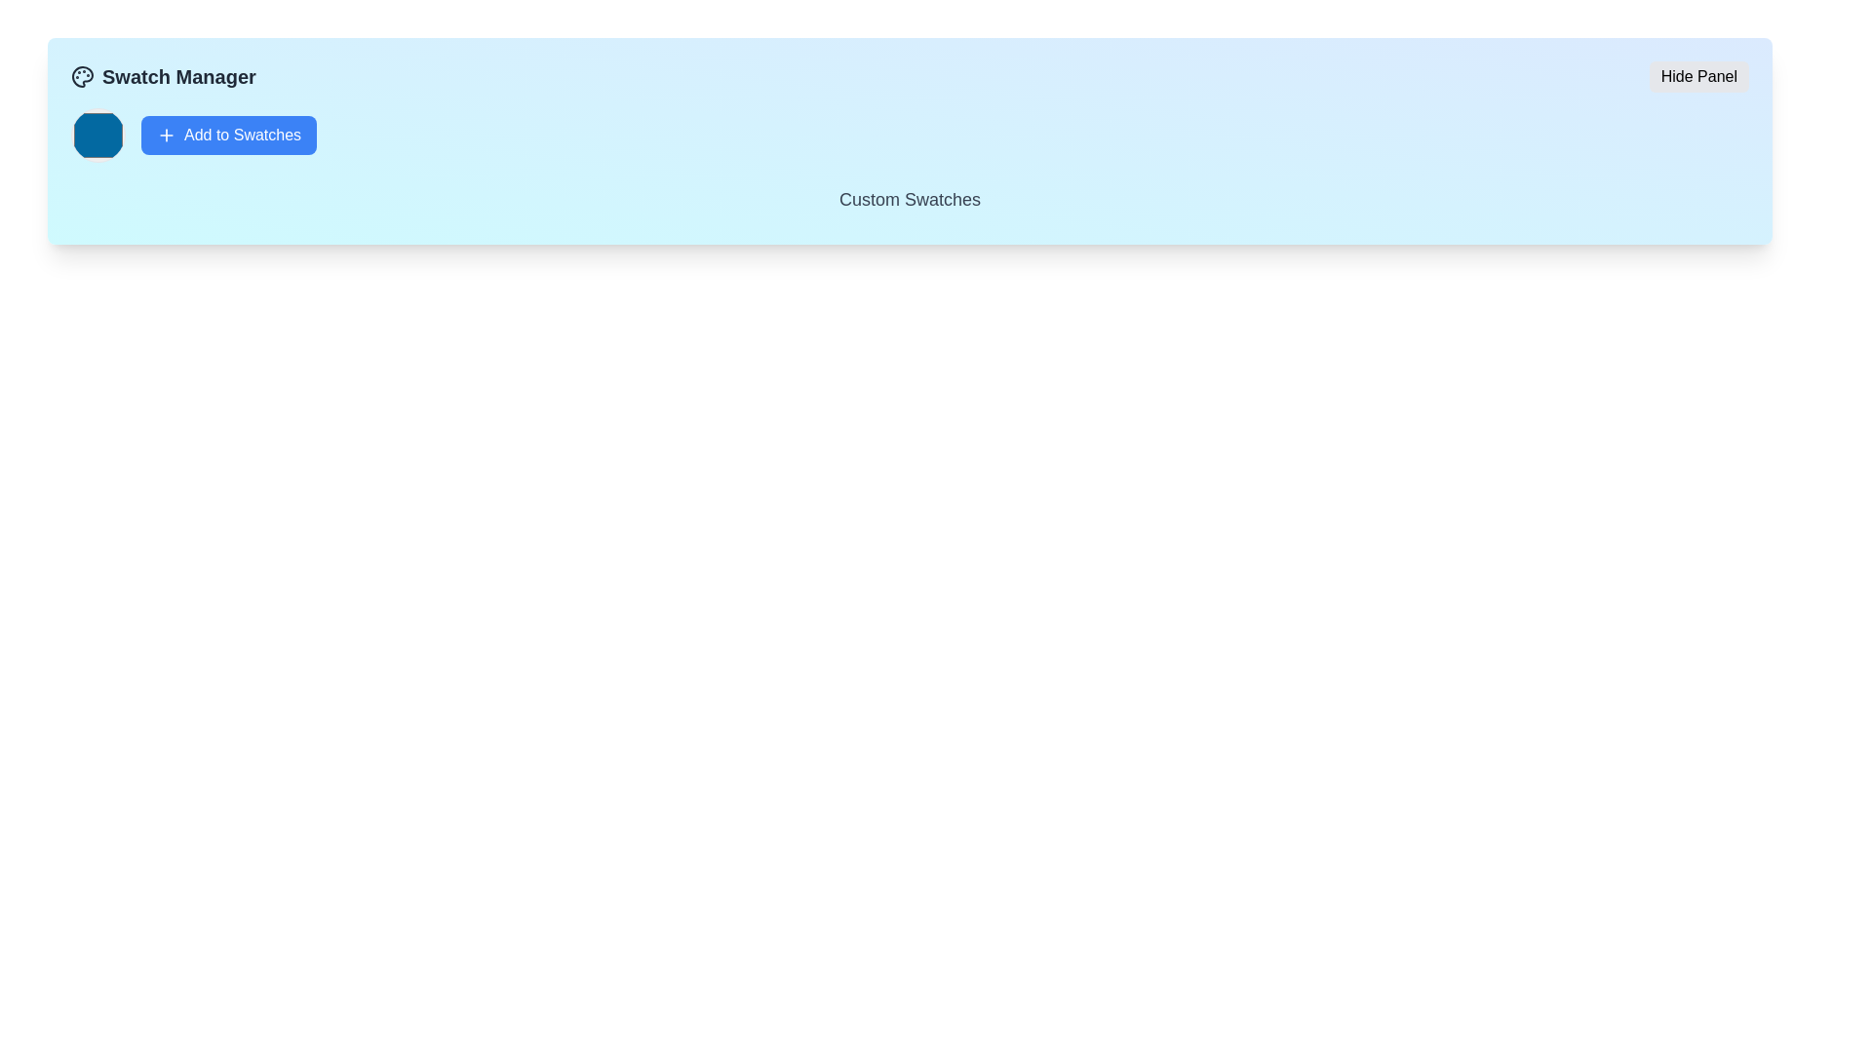 The width and height of the screenshot is (1872, 1053). What do you see at coordinates (82, 75) in the screenshot?
I see `the decorative painter's palette icon in the header labeled 'Swatch Manager', positioned to the left of the text label` at bounding box center [82, 75].